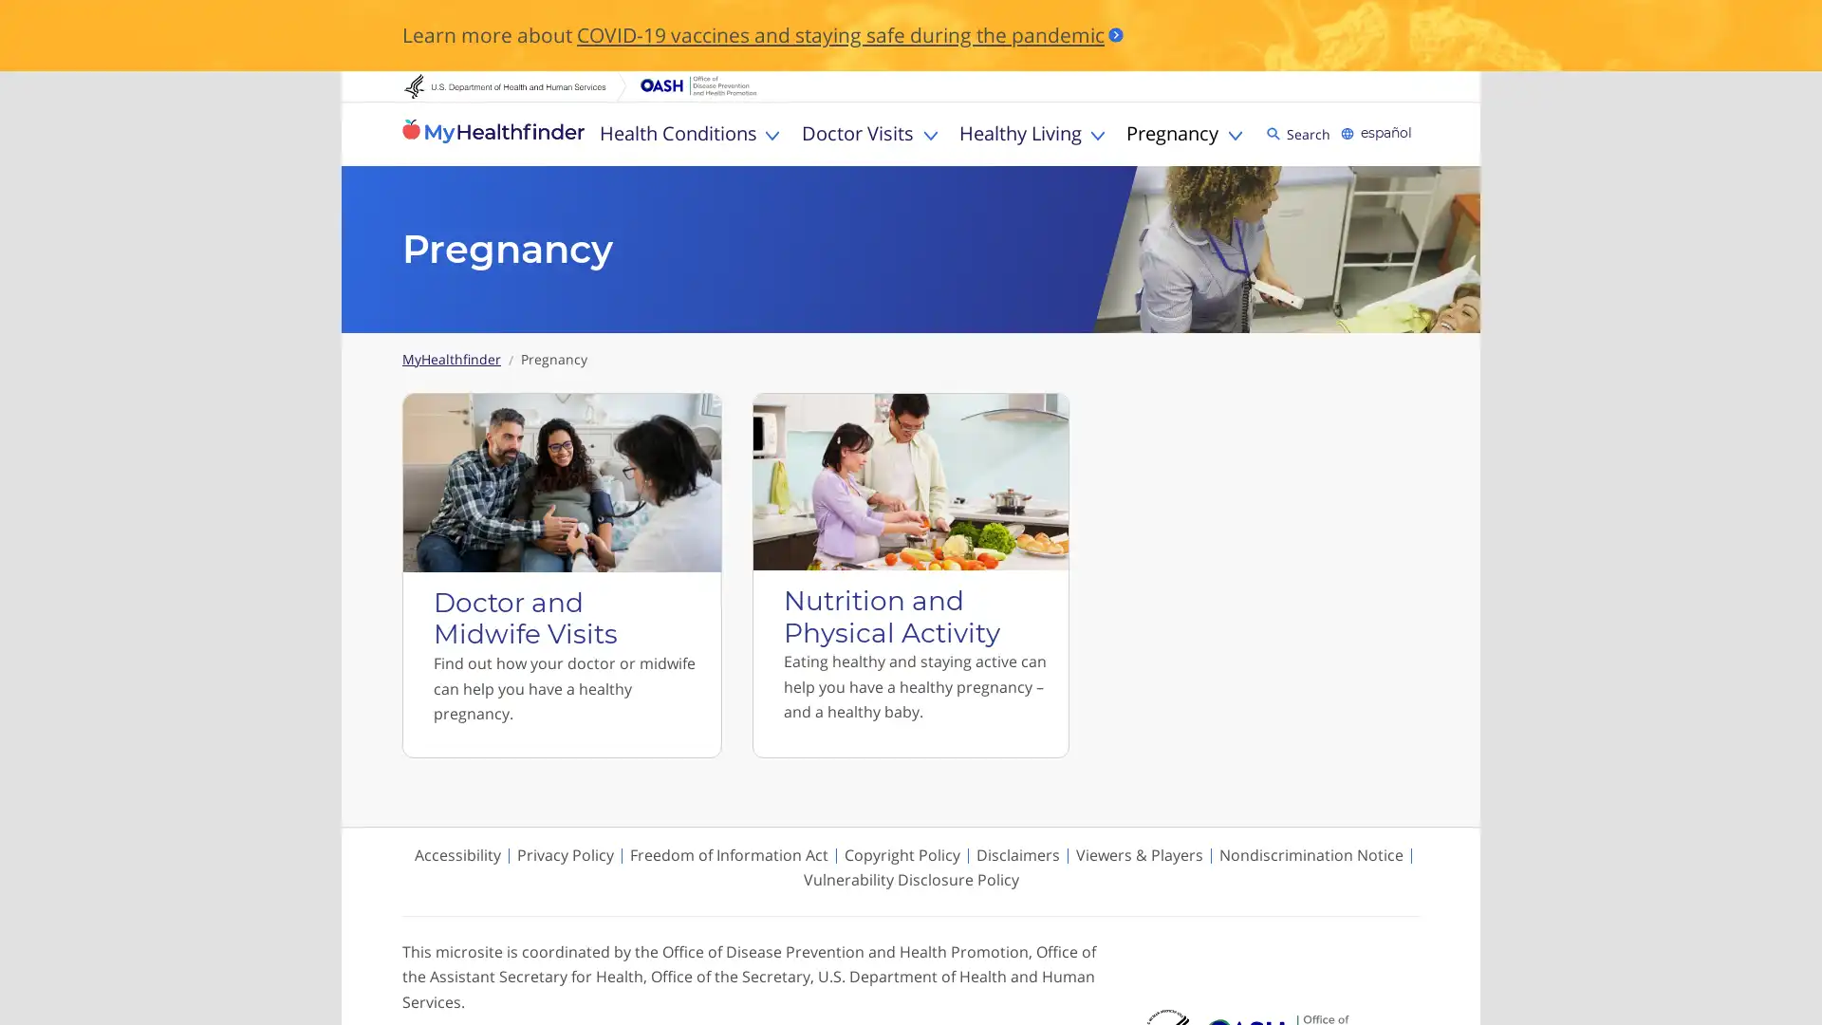 This screenshot has width=1822, height=1025. I want to click on Toggle Doctor Visits sub menu, so click(929, 133).